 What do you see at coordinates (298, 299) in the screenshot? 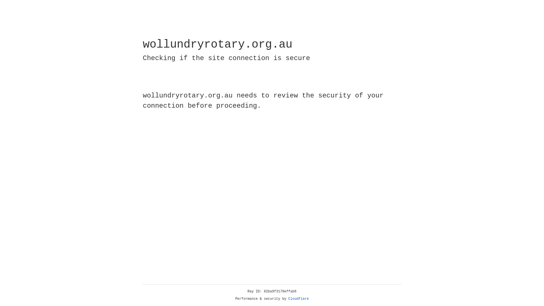
I see `'Cloudflare'` at bounding box center [298, 299].